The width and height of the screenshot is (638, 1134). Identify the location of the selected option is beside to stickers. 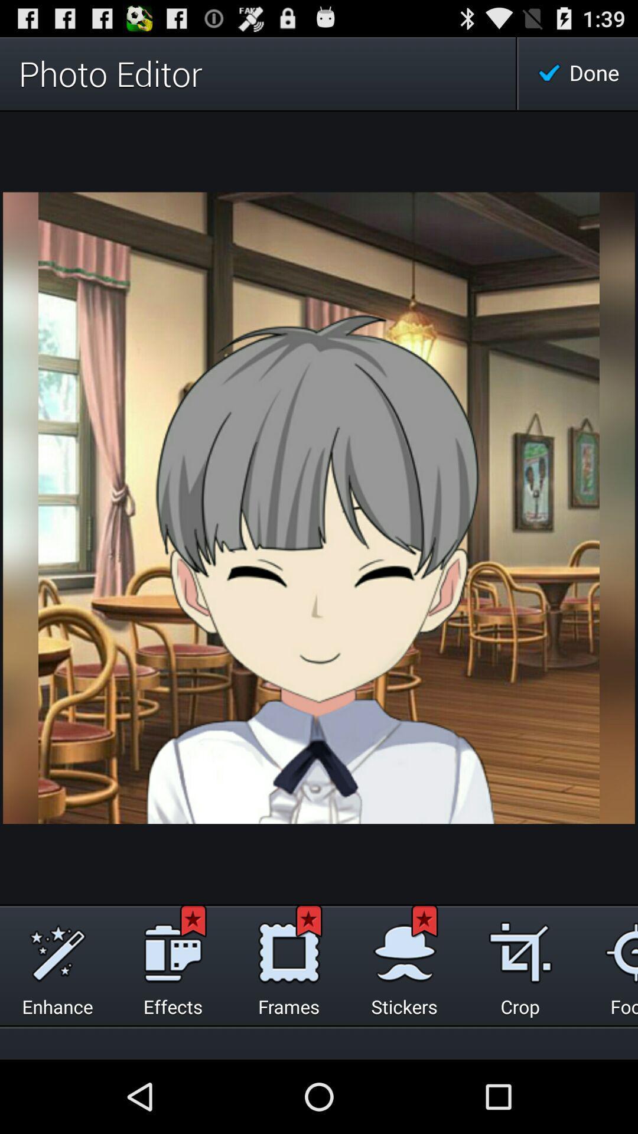
(519, 949).